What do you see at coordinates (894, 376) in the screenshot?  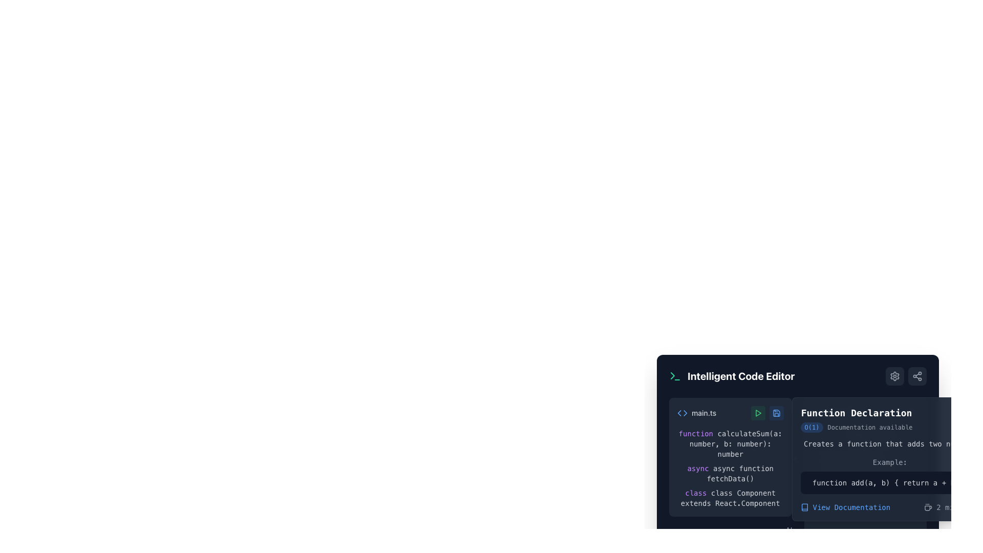 I see `the gear icon located at the top-right corner of the interface` at bounding box center [894, 376].